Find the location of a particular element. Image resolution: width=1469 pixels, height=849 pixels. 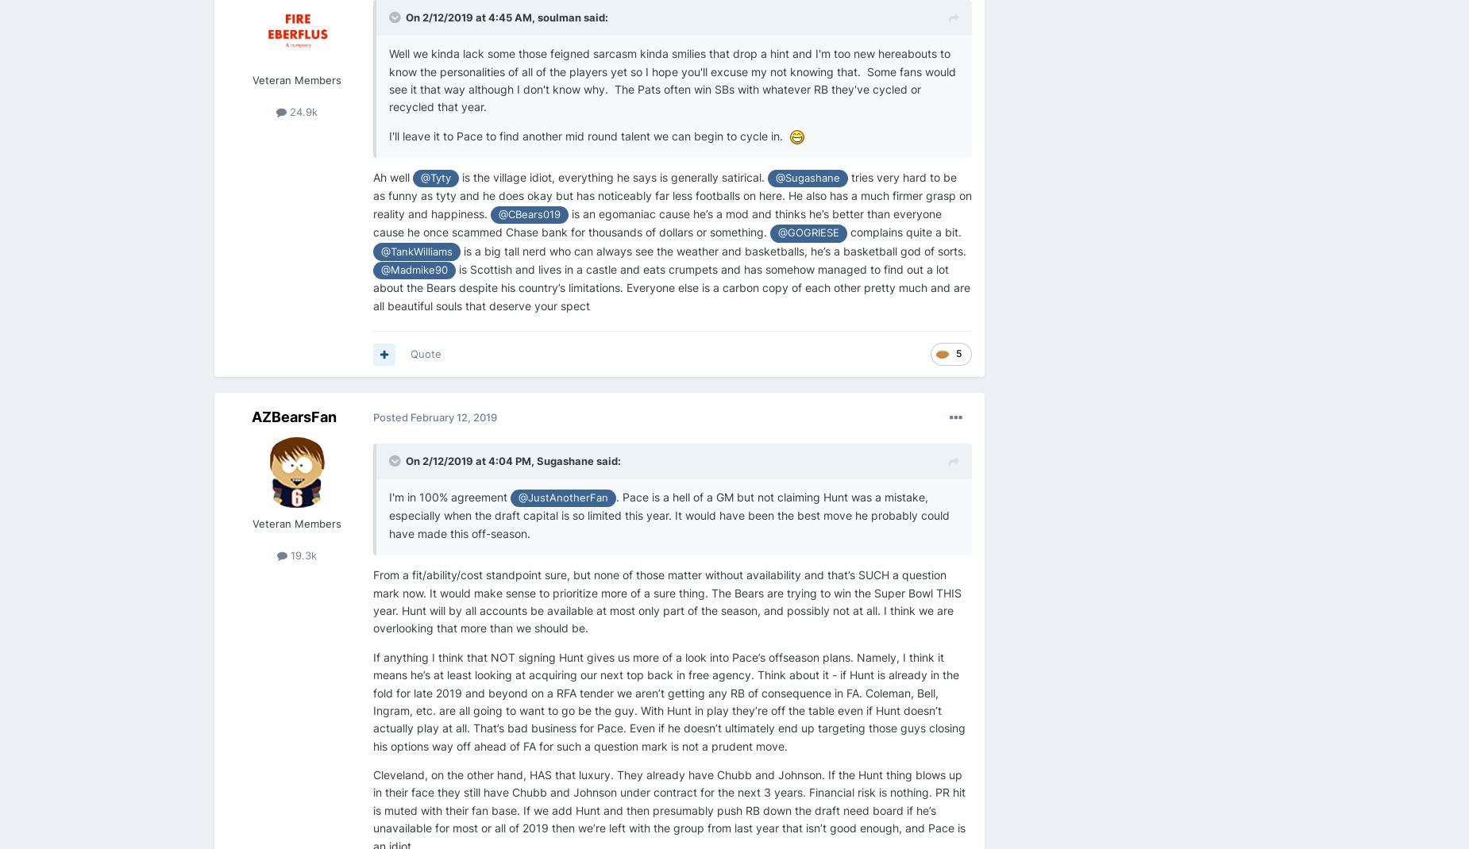

'Well we kinda lack some those feigned sarcasm kinda smilies that drop a hint and I'm too new hereabouts to know the personalities of all of the players yet so I hope you'll excuse my not knowing that.  Some fans would see it that way although I don't know why.  The Pats often win SBs with whatever RB they've cycled or recycled that year.' is located at coordinates (672, 80).